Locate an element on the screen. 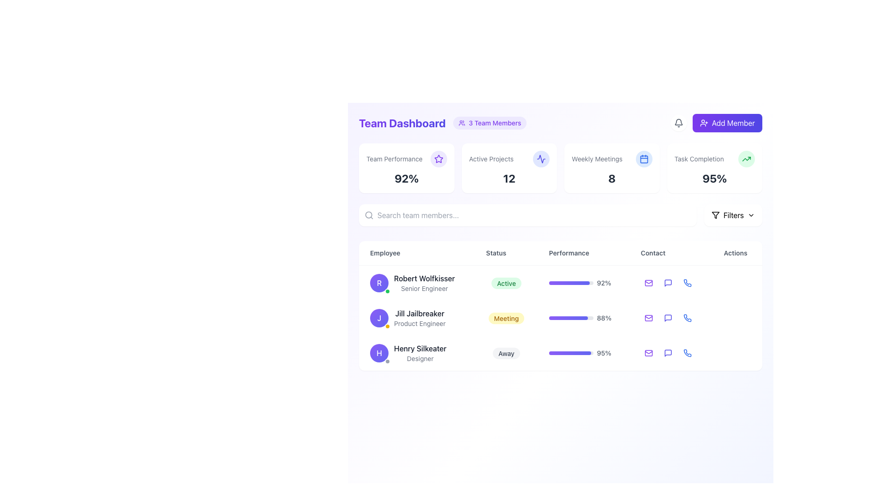  the bottom edge line of the purple mail icon in the 'Contact' column of the 'Jill Jailbreaker' row is located at coordinates (648, 317).